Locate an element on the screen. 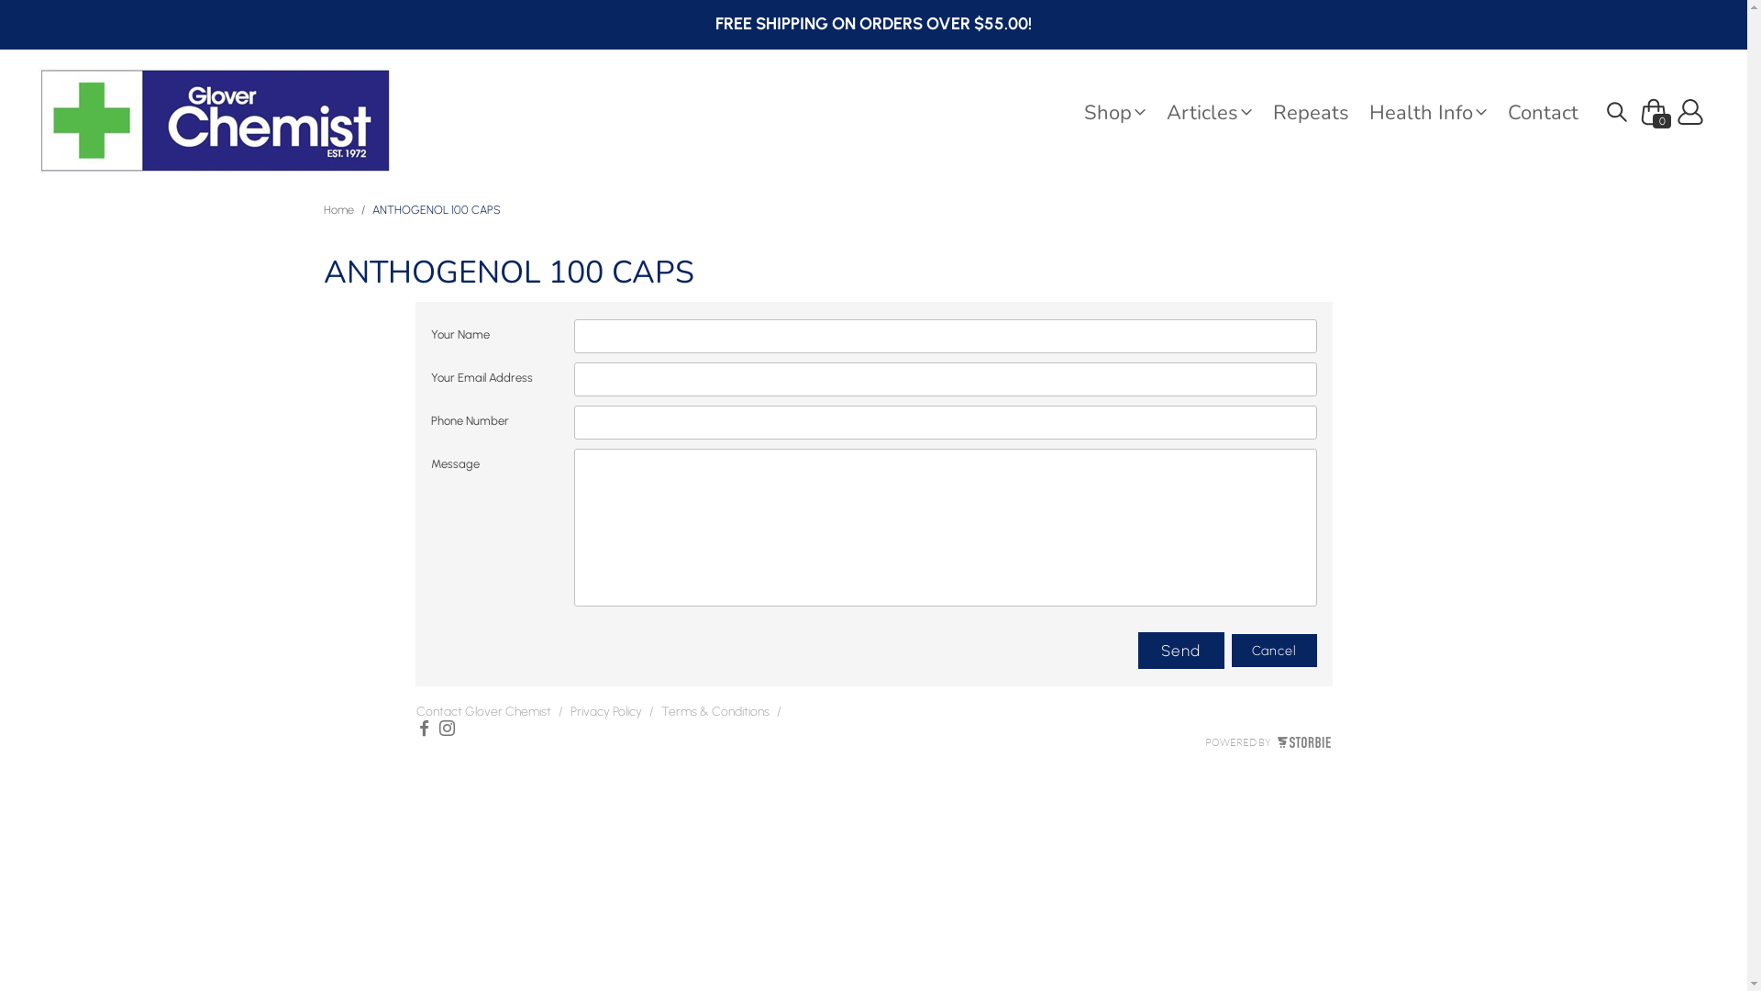 Image resolution: width=1761 pixels, height=991 pixels. 'Articles' is located at coordinates (1219, 113).